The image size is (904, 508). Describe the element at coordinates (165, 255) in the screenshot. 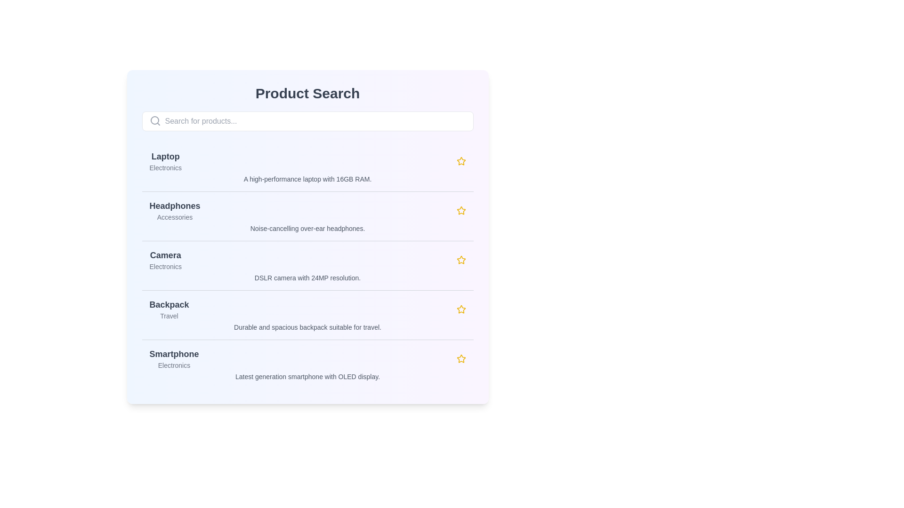

I see `the 'Camera' text label that identifies the product type in the 'Product Search' section, positioned as the third item in the list between 'Headphones' and 'Backpack'` at that location.